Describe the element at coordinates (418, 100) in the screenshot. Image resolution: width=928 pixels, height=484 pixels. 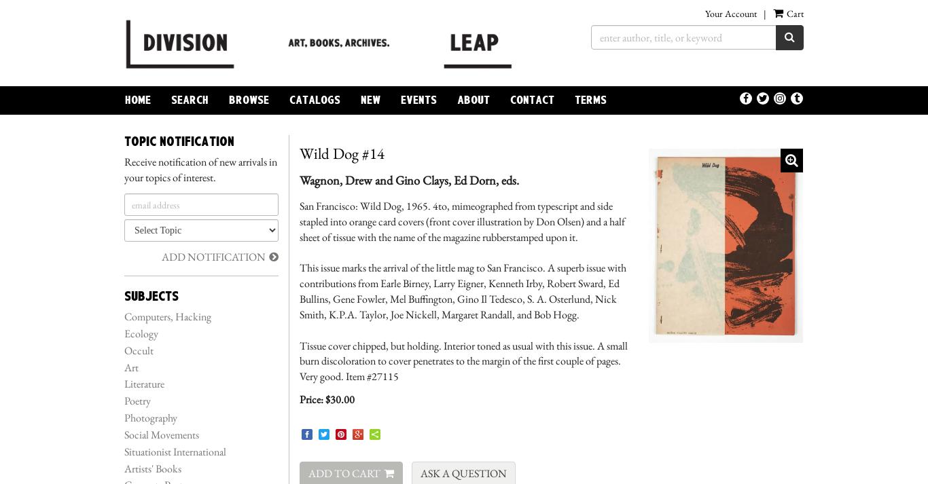
I see `'Events'` at that location.